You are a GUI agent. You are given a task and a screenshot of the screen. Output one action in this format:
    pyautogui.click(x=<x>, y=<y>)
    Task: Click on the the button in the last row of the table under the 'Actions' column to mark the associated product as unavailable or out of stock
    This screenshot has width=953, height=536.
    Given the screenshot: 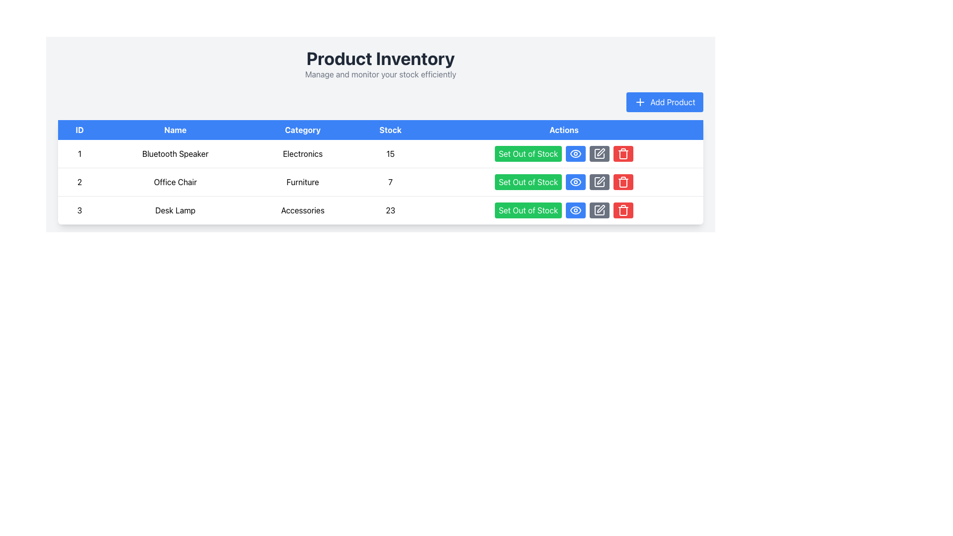 What is the action you would take?
    pyautogui.click(x=564, y=210)
    